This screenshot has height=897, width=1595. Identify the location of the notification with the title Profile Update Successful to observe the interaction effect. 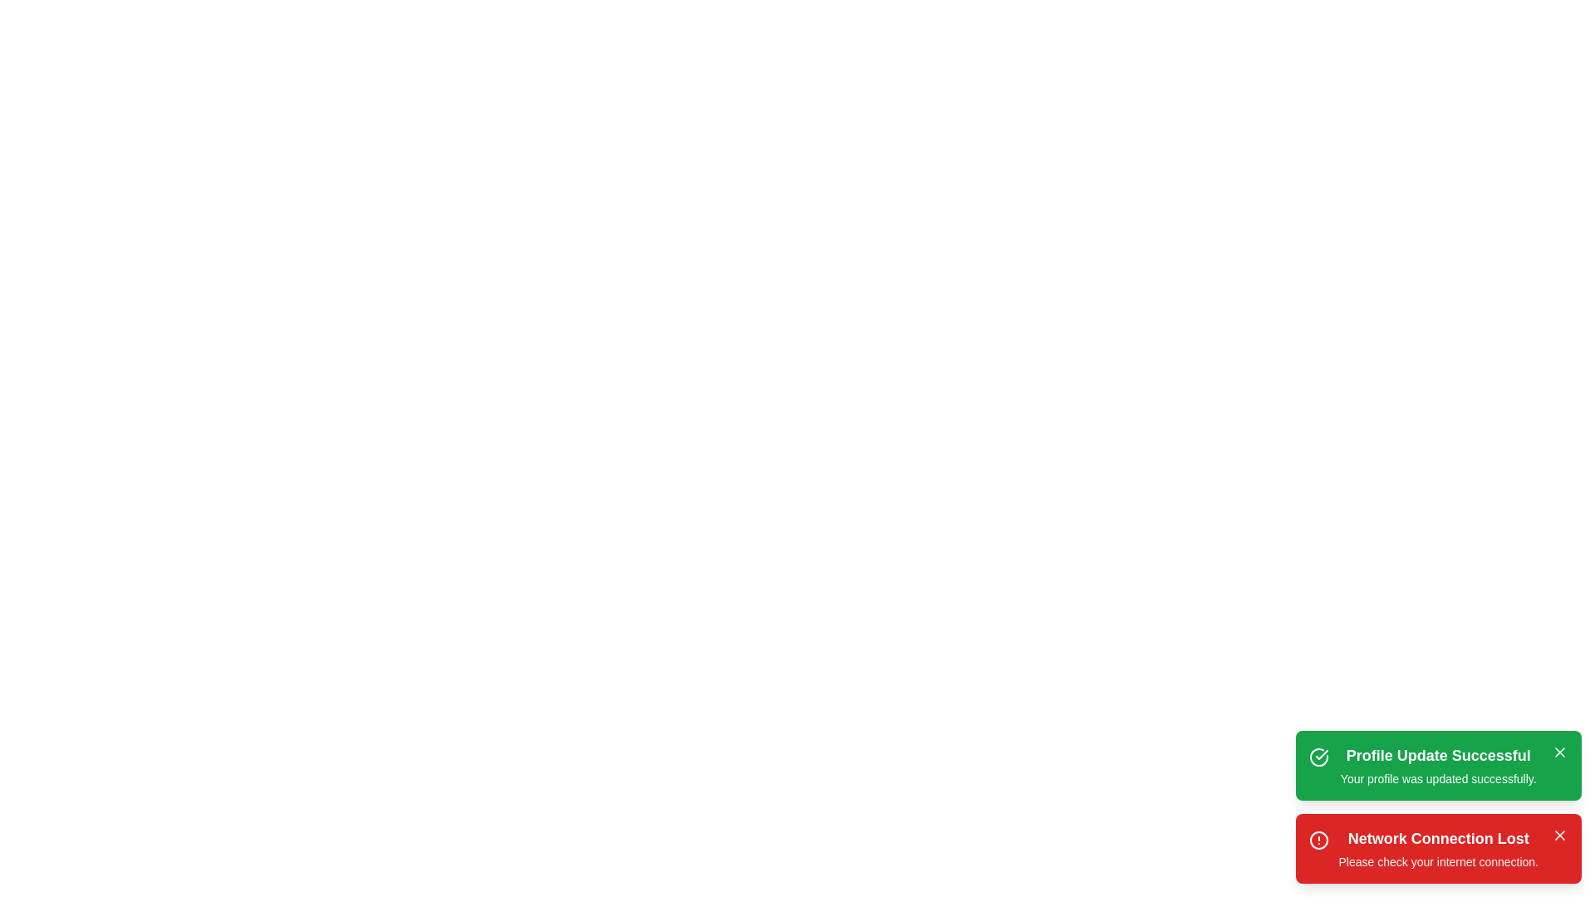
(1437, 765).